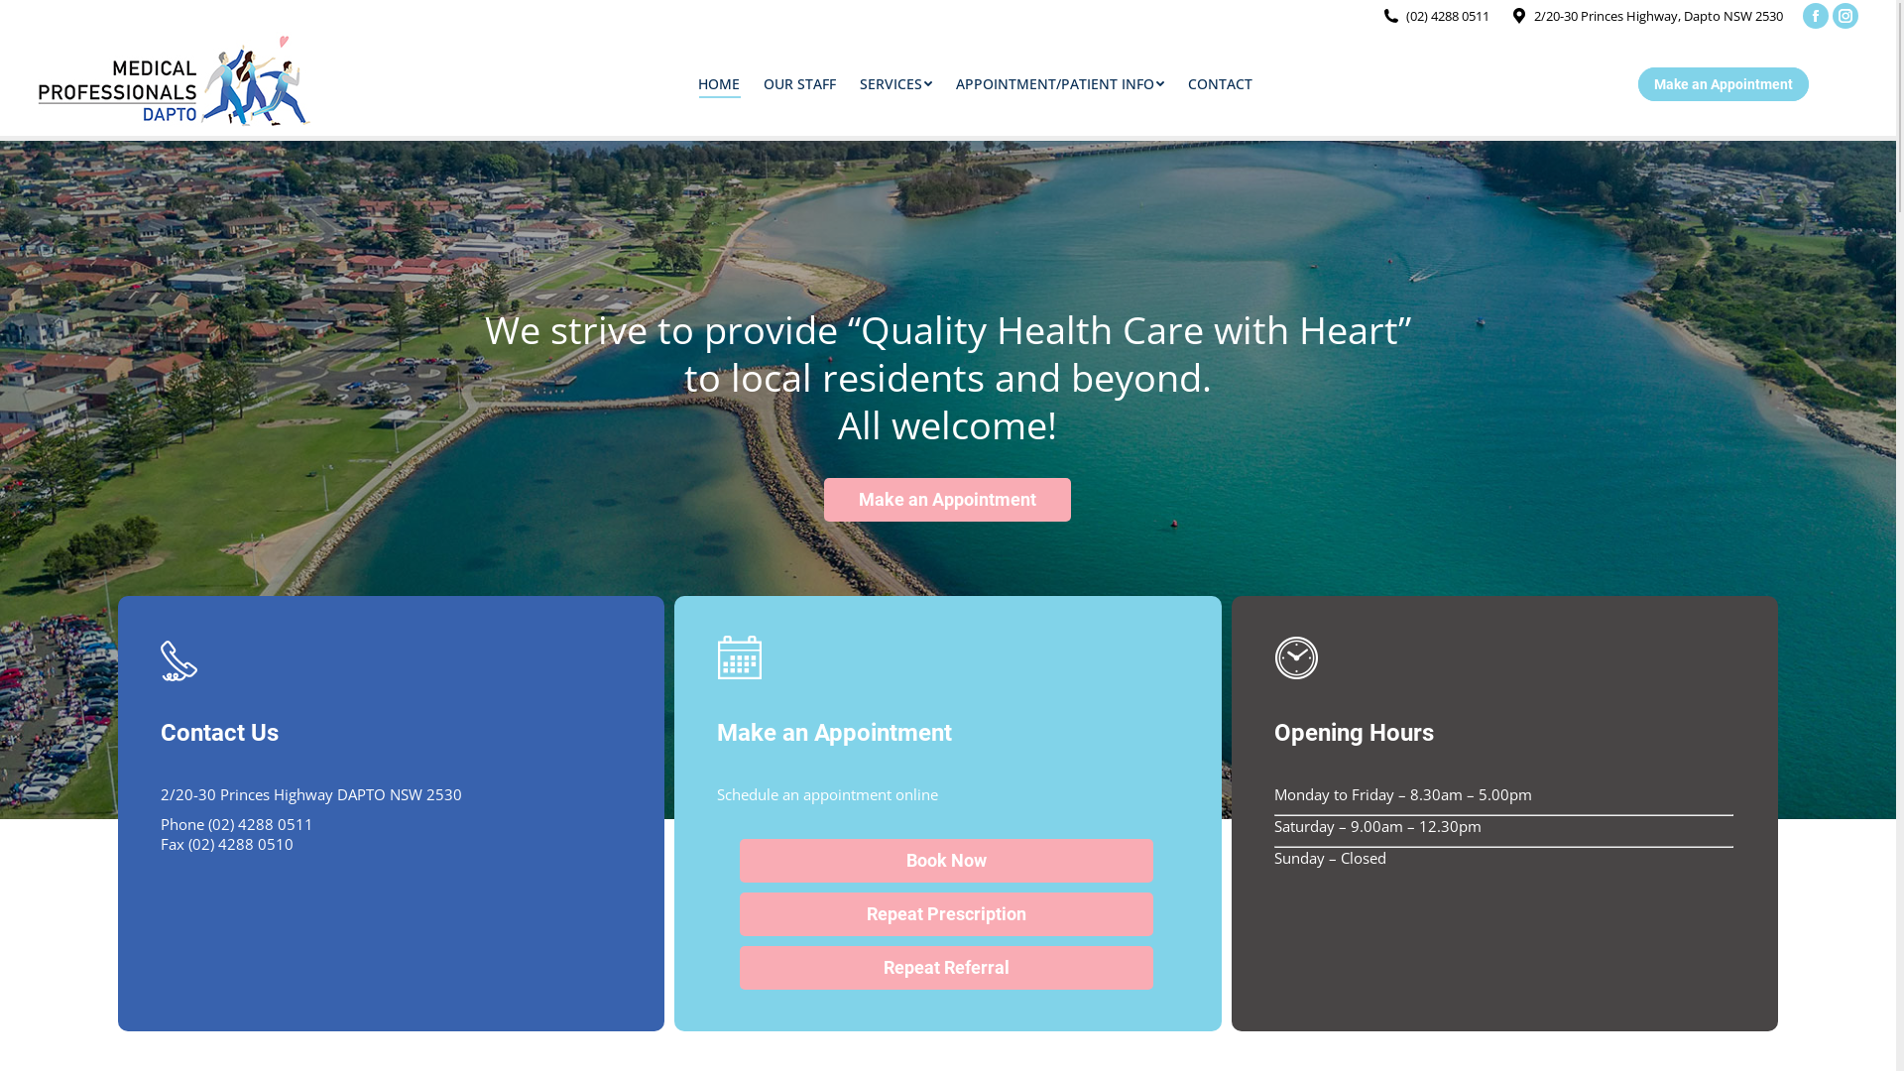  What do you see at coordinates (179, 657) in the screenshot?
I see `'h1-custom-icon-7'` at bounding box center [179, 657].